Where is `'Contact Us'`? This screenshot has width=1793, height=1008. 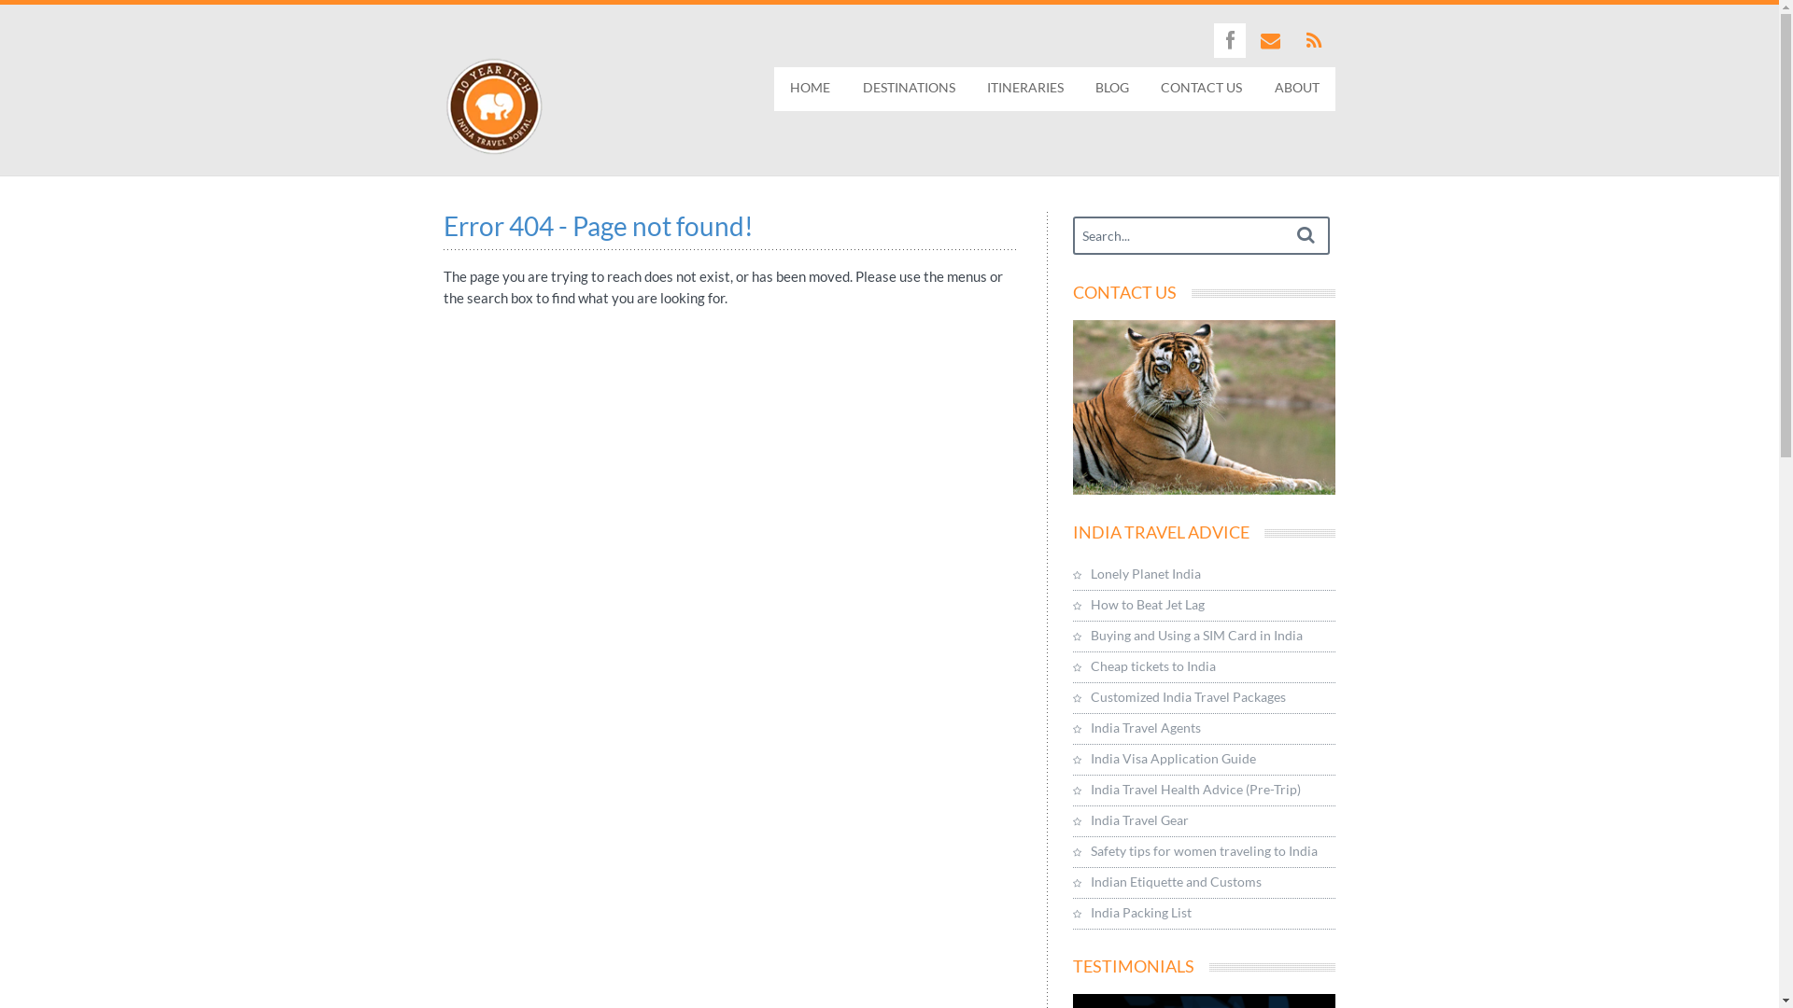 'Contact Us' is located at coordinates (1204, 483).